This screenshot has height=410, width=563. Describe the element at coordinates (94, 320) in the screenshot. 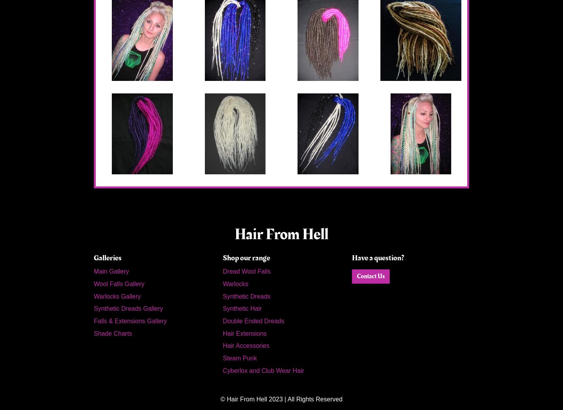

I see `'Falls & Extensions Gallery'` at that location.